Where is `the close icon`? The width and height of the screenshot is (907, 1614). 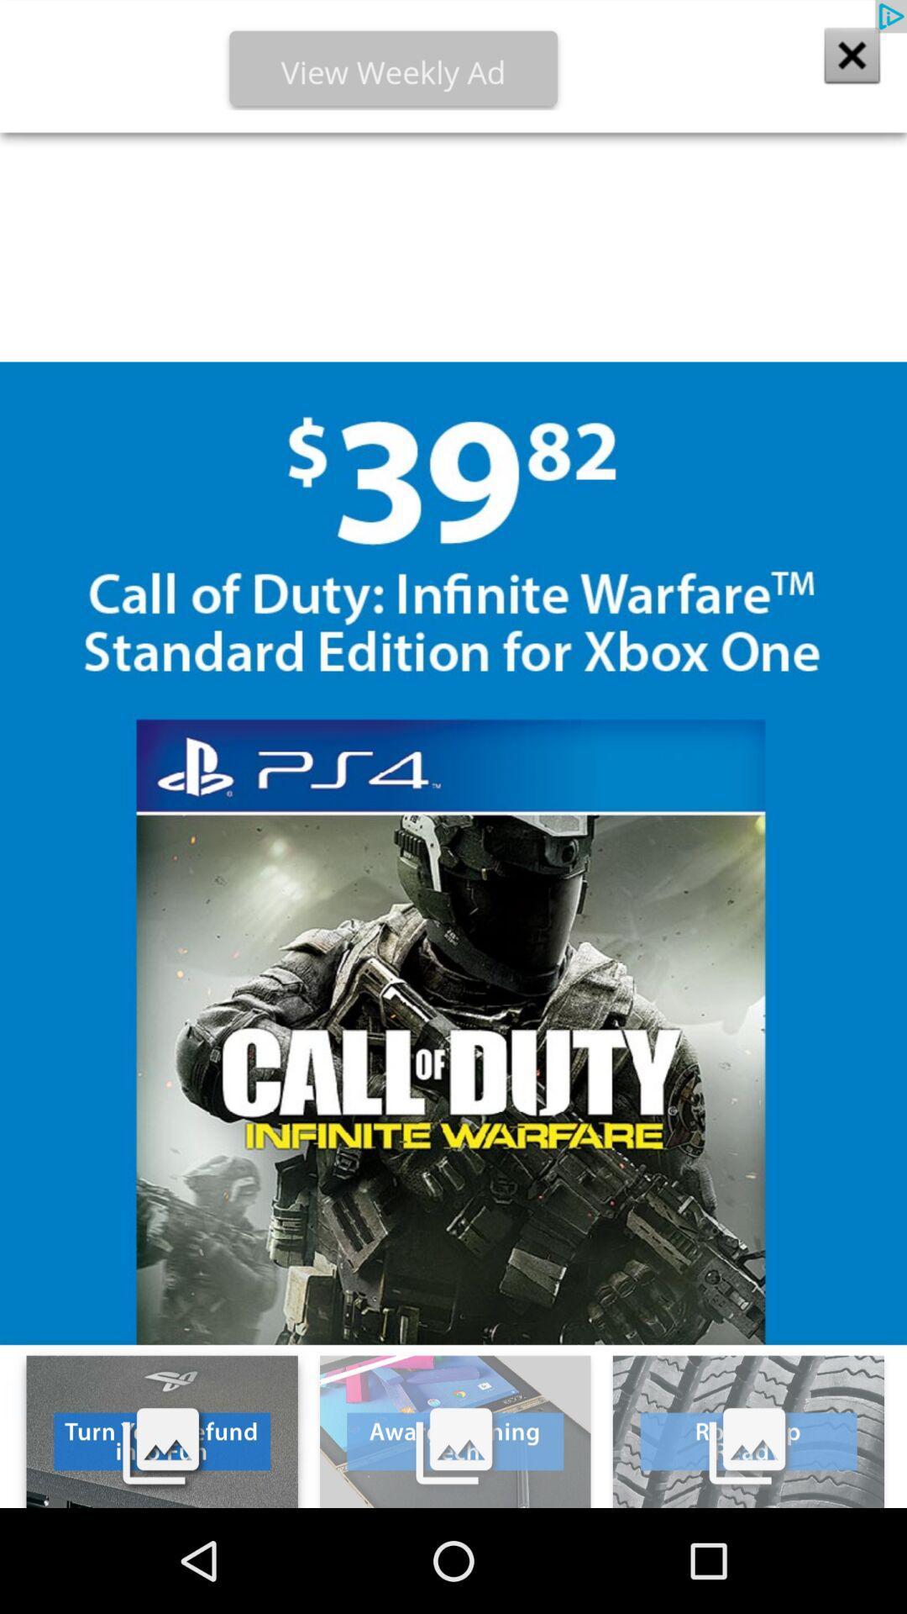 the close icon is located at coordinates (852, 59).